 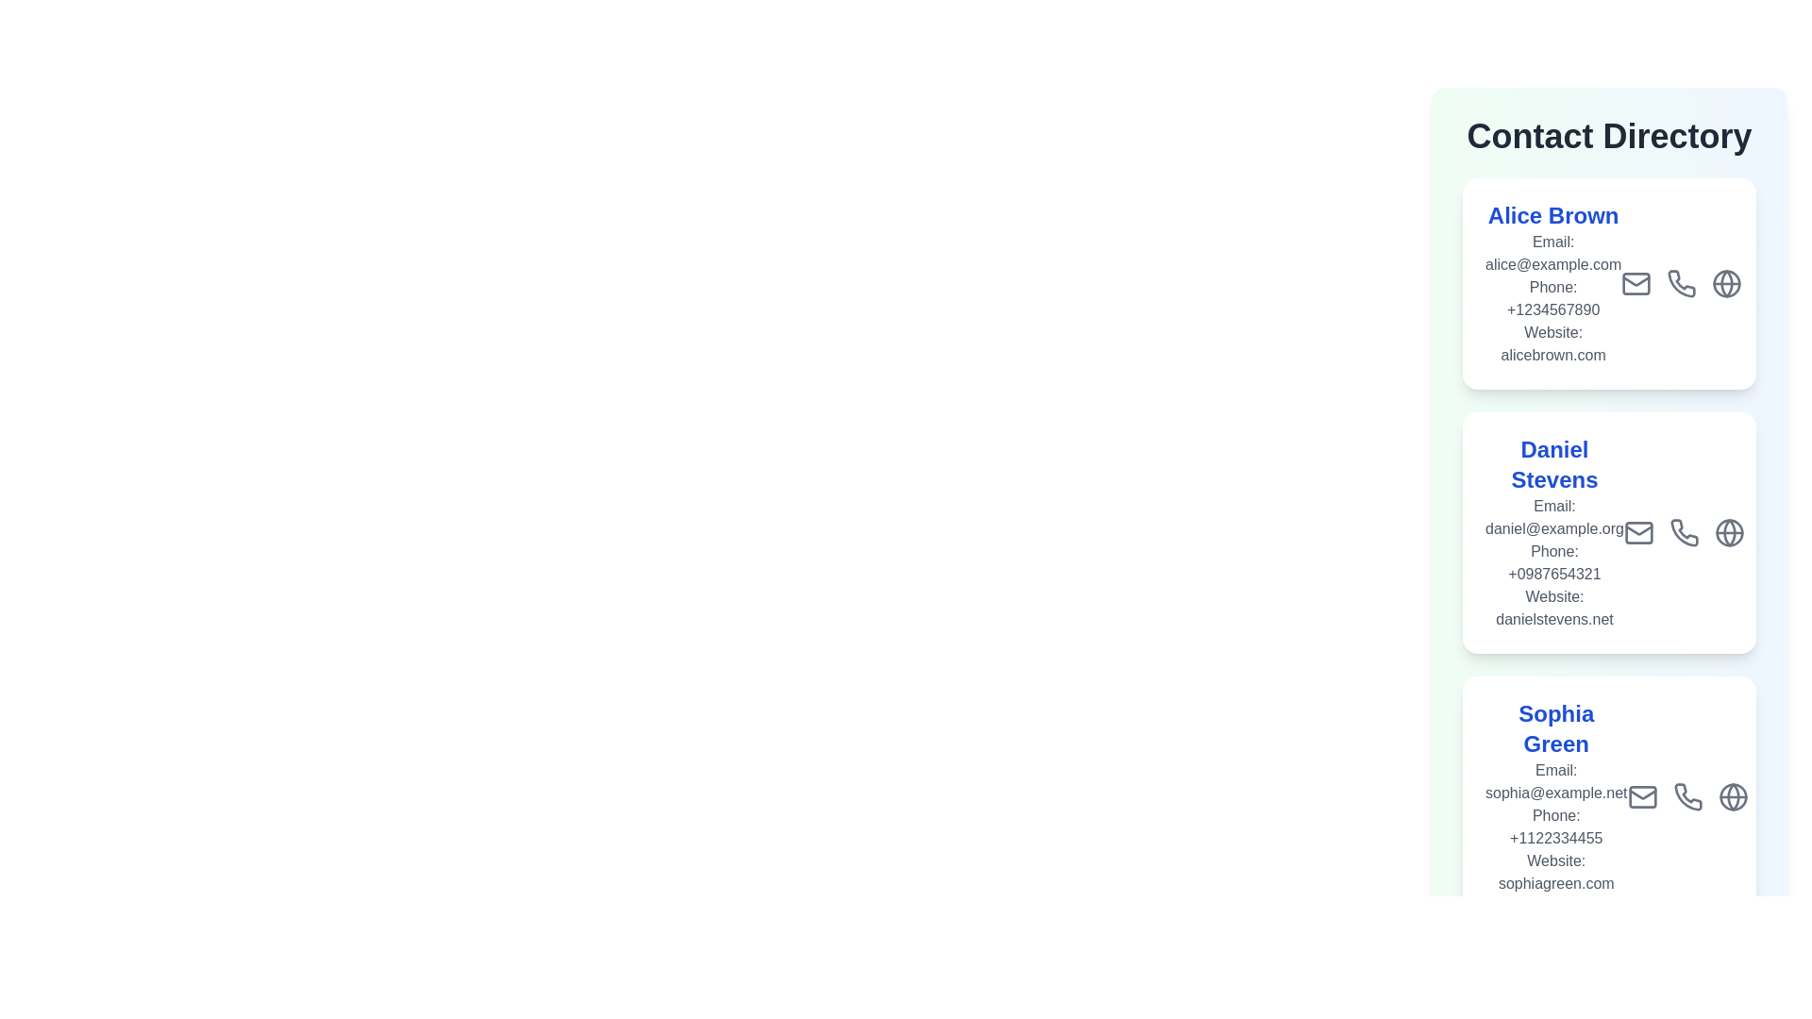 I want to click on the text element corresponding to Alice Brown, so click(x=1553, y=214).